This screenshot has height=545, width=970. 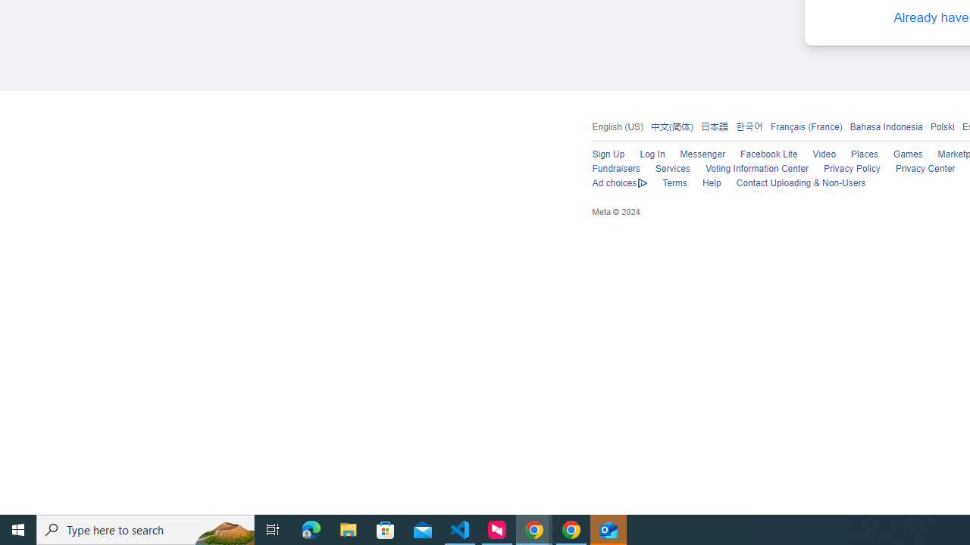 I want to click on 'Terms', so click(x=674, y=182).